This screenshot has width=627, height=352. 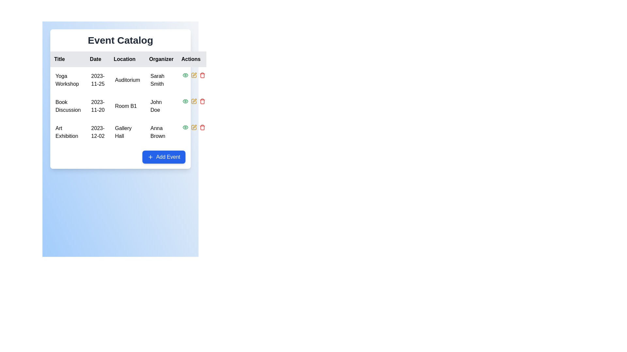 What do you see at coordinates (164, 157) in the screenshot?
I see `the 'Create New Event' button located at the bottom-right corner of the event table card` at bounding box center [164, 157].